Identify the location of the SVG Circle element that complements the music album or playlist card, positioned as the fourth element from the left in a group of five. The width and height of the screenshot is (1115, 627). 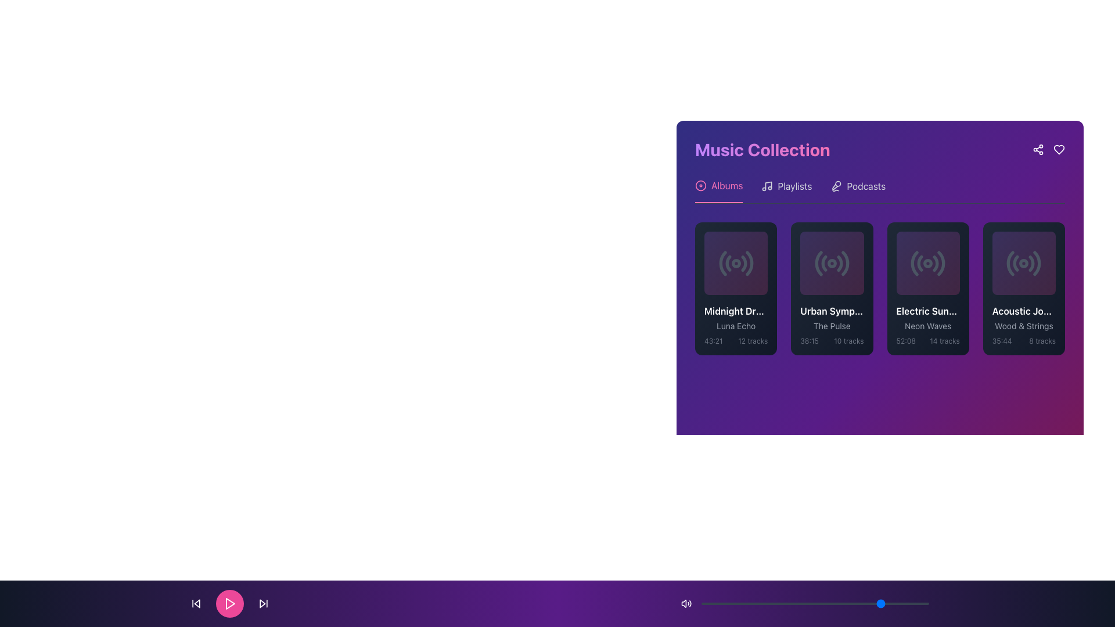
(1024, 263).